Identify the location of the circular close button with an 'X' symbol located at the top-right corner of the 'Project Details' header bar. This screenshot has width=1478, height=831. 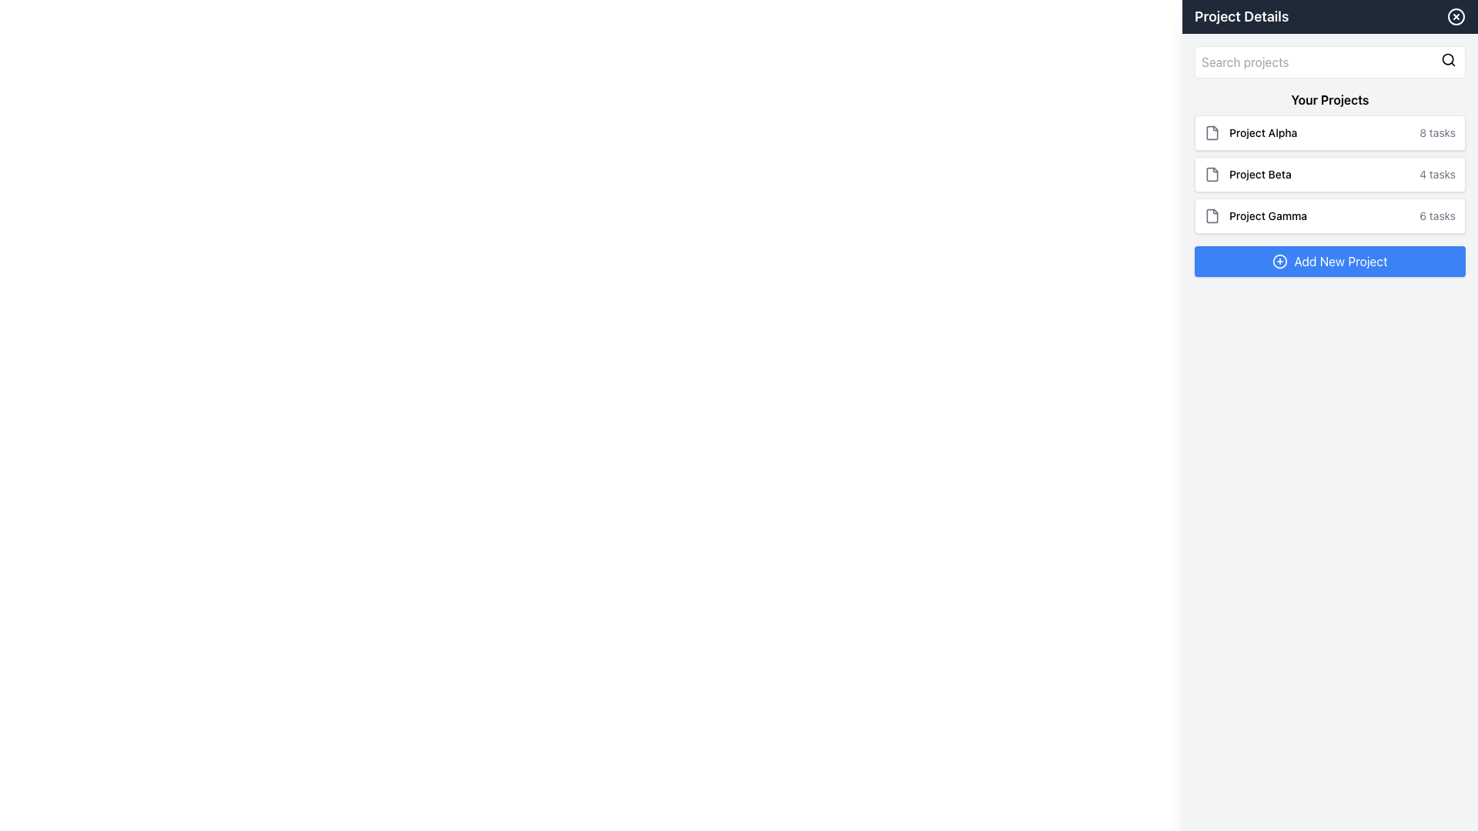
(1455, 17).